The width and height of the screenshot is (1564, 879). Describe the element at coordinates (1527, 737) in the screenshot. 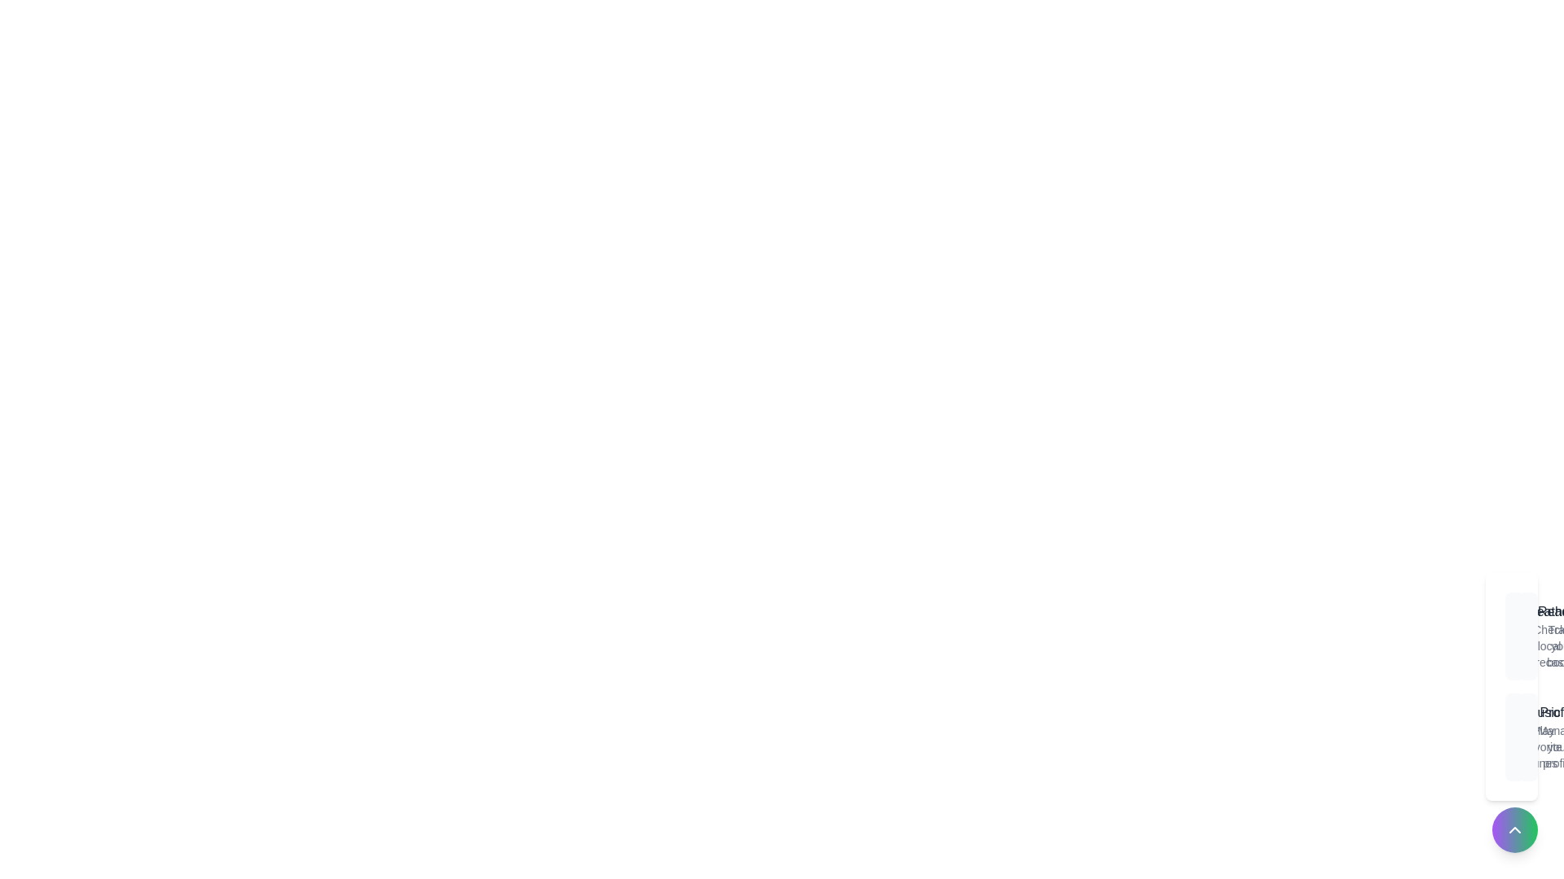

I see `the element labeled Profile to observe its hover effect` at that location.